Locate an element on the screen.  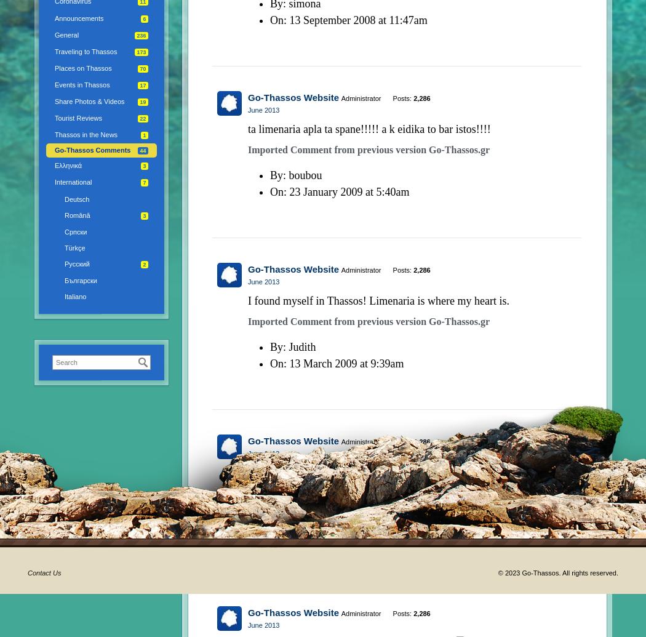
'173' is located at coordinates (141, 52).